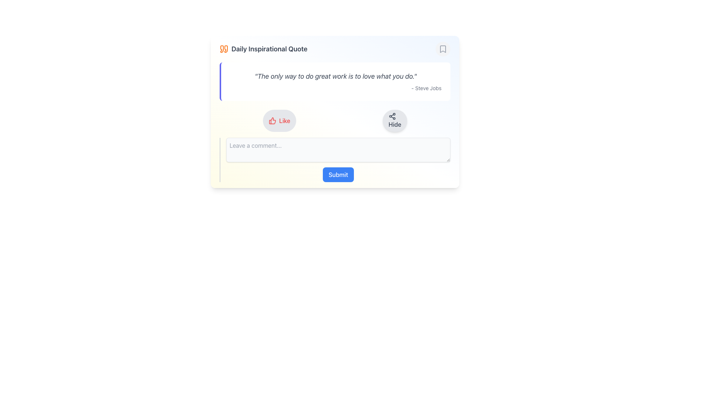  What do you see at coordinates (443, 49) in the screenshot?
I see `the circular button with a light gray background and a bookmark icon` at bounding box center [443, 49].